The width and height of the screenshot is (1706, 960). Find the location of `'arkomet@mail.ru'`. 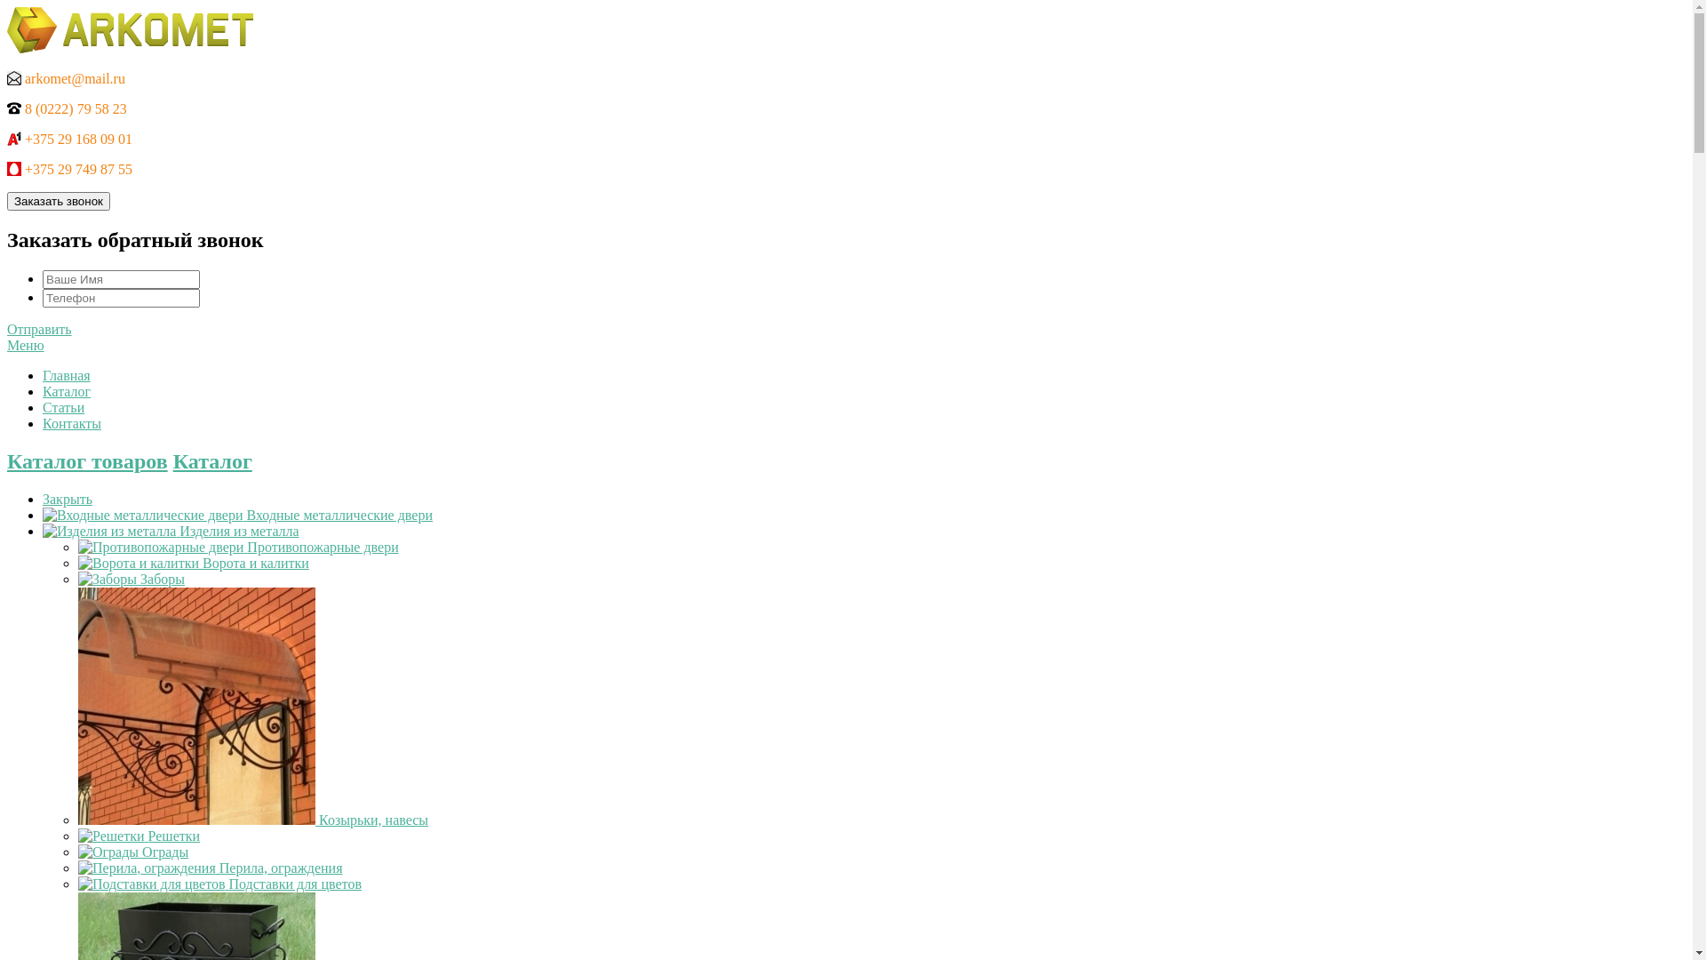

'arkomet@mail.ru' is located at coordinates (66, 77).